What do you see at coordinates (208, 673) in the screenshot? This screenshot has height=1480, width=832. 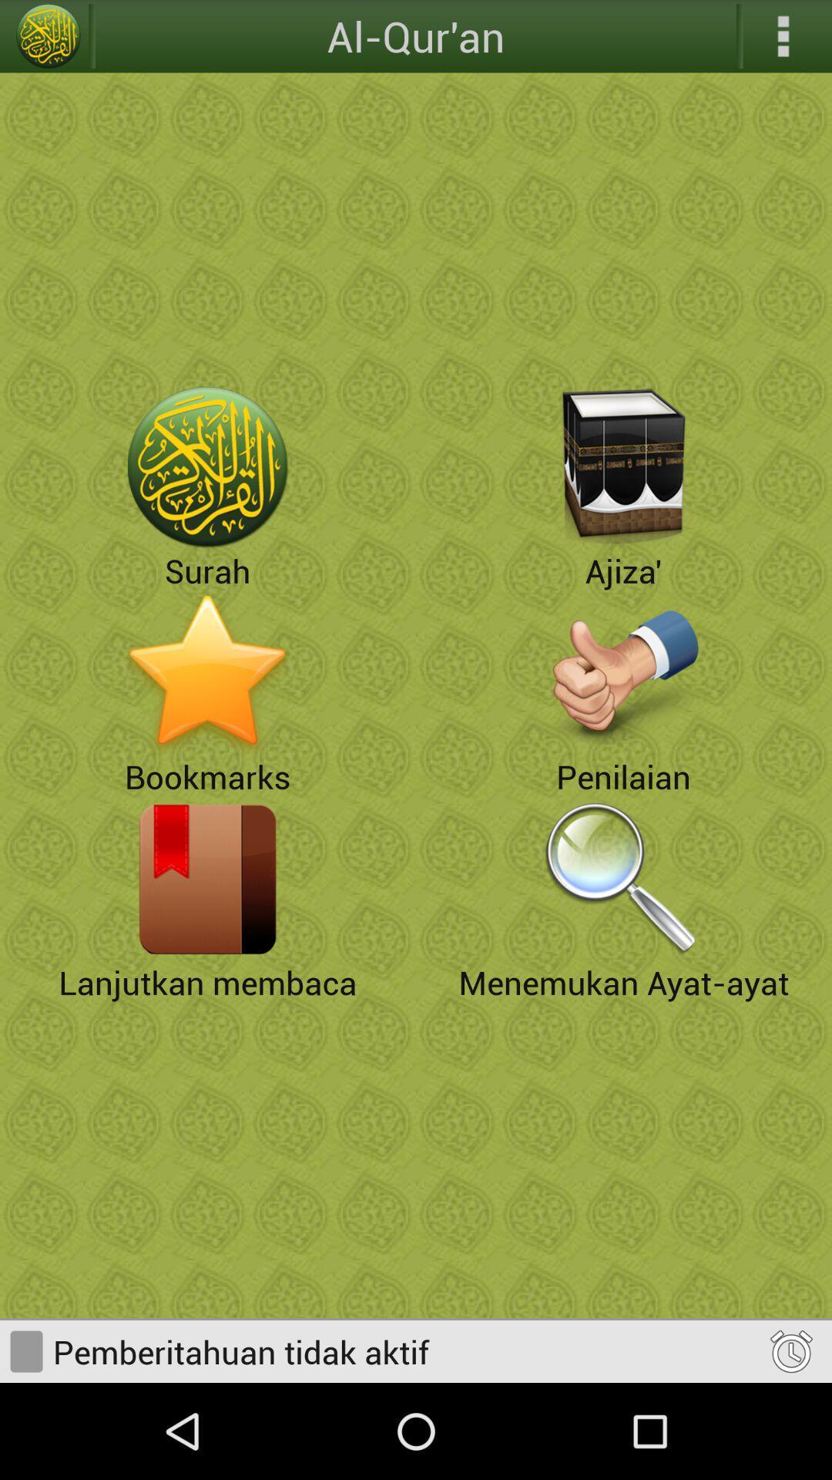 I see `bookmark the page` at bounding box center [208, 673].